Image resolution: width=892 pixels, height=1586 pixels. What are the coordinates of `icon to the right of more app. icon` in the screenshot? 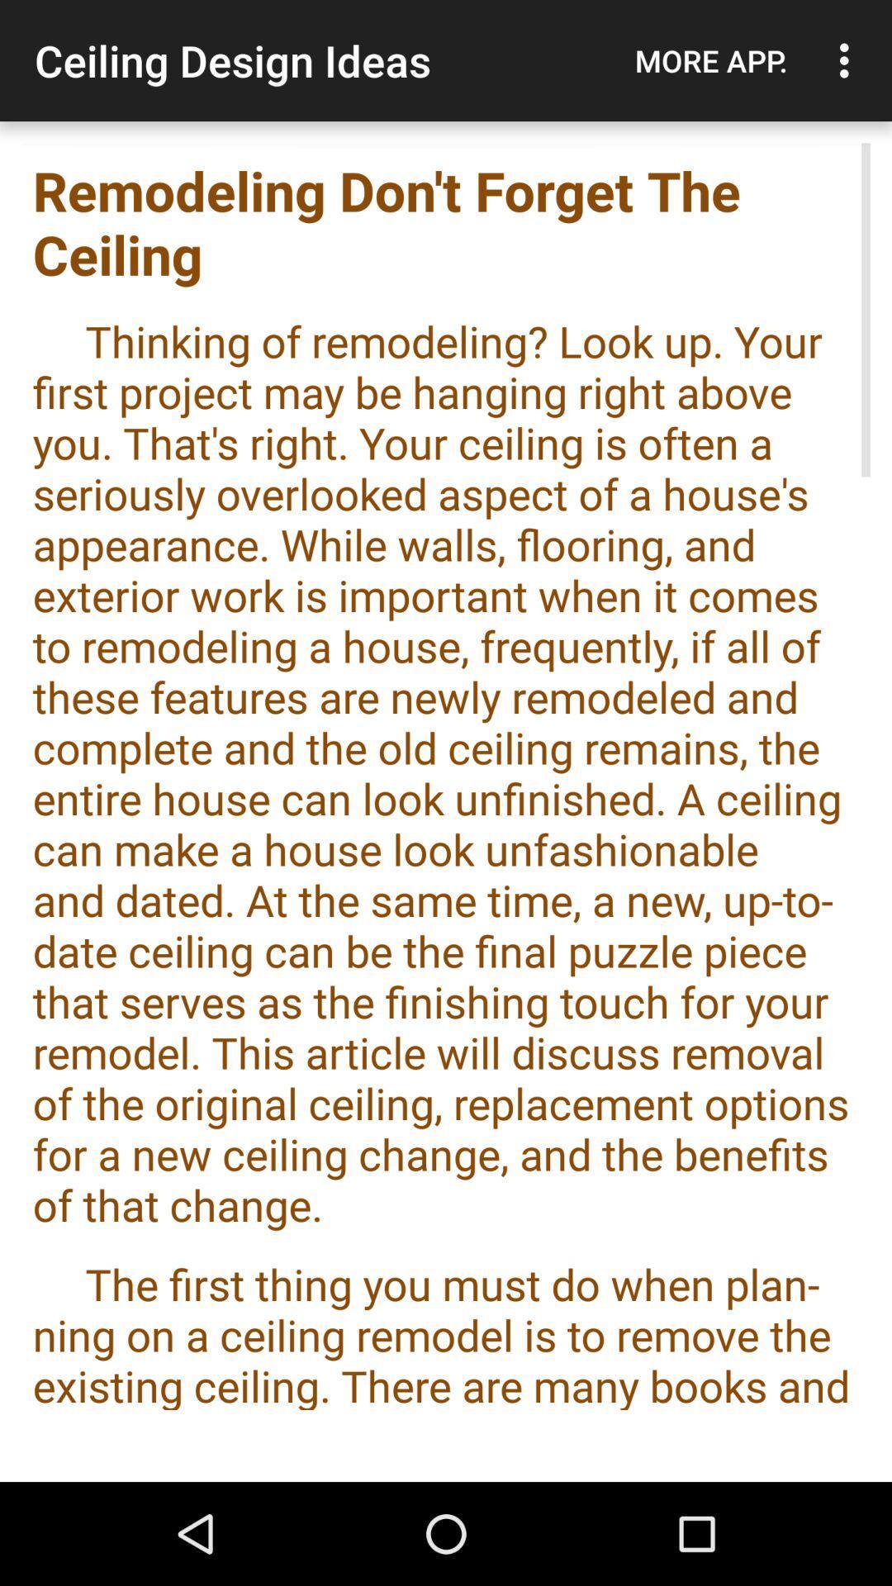 It's located at (848, 60).